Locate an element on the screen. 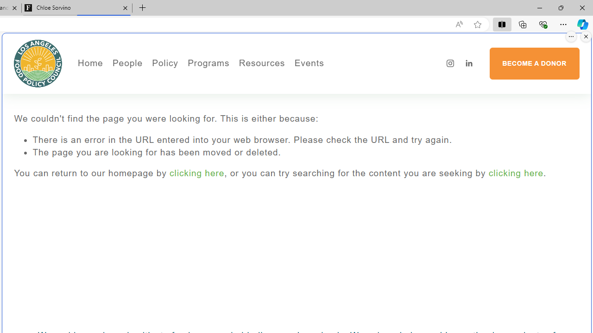  'Healthy Markets LA' is located at coordinates (233, 81).